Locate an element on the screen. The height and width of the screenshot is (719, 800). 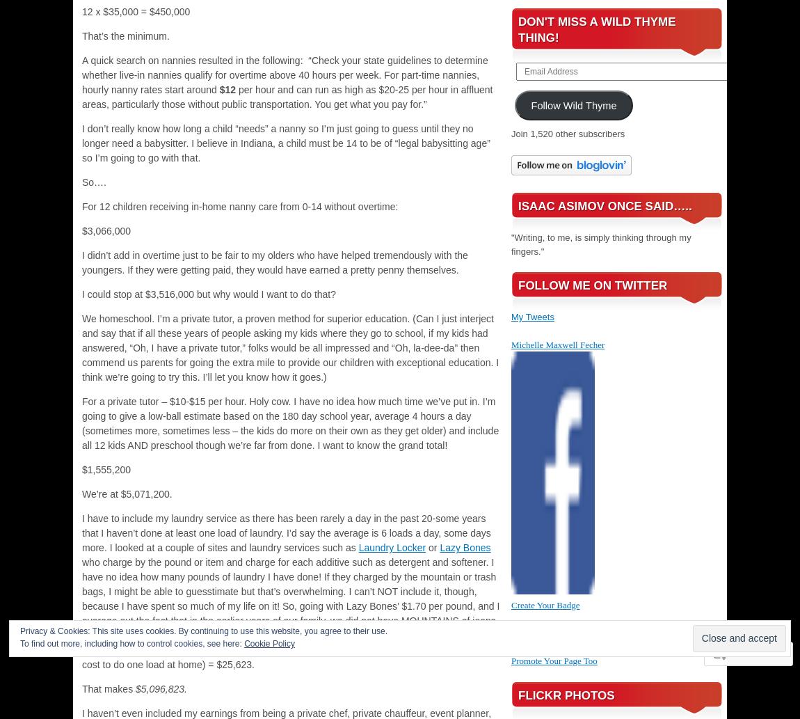
'We homeschool. I’m a private tutor, a proven method for superior education. (Can I just interject and say that if all these years of people asking my kids where they go to school, if my kids had answered, “Oh, I have a private tutor,” folks would be all impressed and “Oh, la-dee-da” then commend us parents for going the extra mile to provide our children with exceptional education. I think we’re going to try this. I’ll let you know how it goes.)' is located at coordinates (81, 347).